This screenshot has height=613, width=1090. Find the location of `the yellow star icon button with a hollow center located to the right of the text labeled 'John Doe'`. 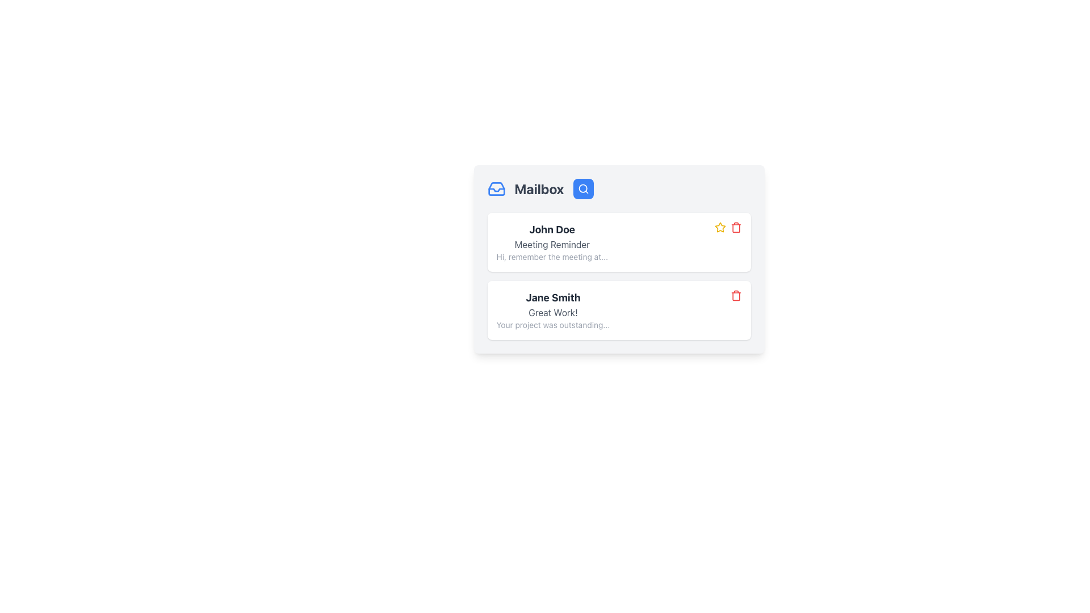

the yellow star icon button with a hollow center located to the right of the text labeled 'John Doe' is located at coordinates (719, 228).